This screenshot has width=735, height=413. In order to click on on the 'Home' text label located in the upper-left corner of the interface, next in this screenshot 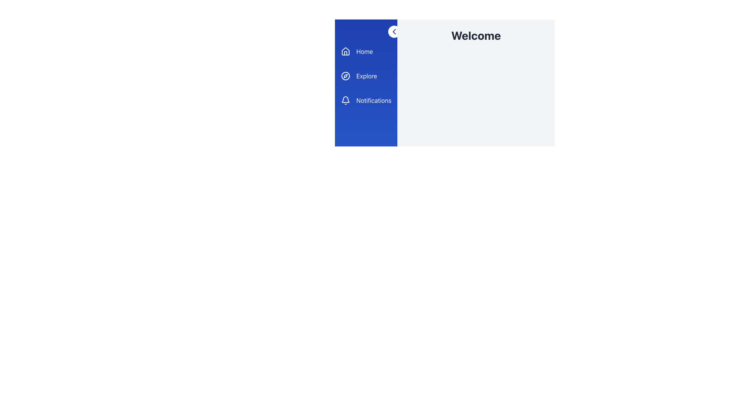, I will do `click(364, 52)`.